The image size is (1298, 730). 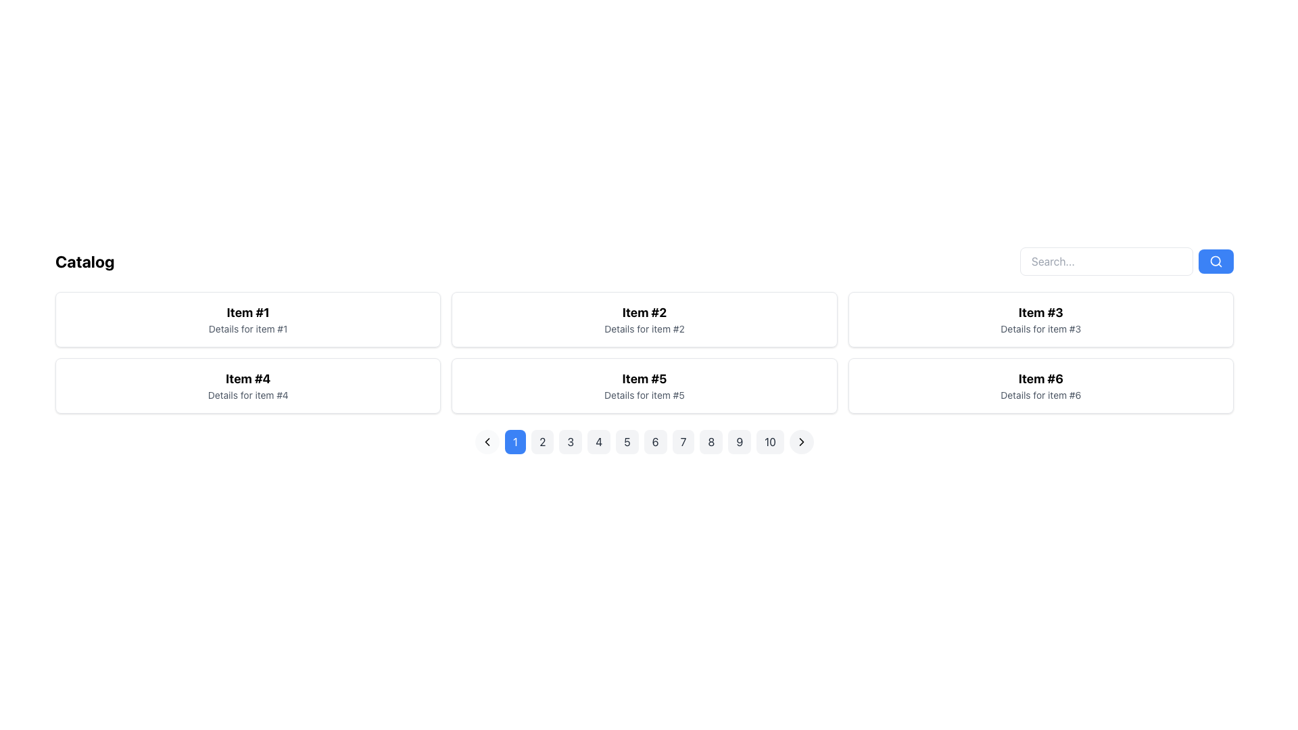 I want to click on the pagination button labeled '6', so click(x=644, y=442).